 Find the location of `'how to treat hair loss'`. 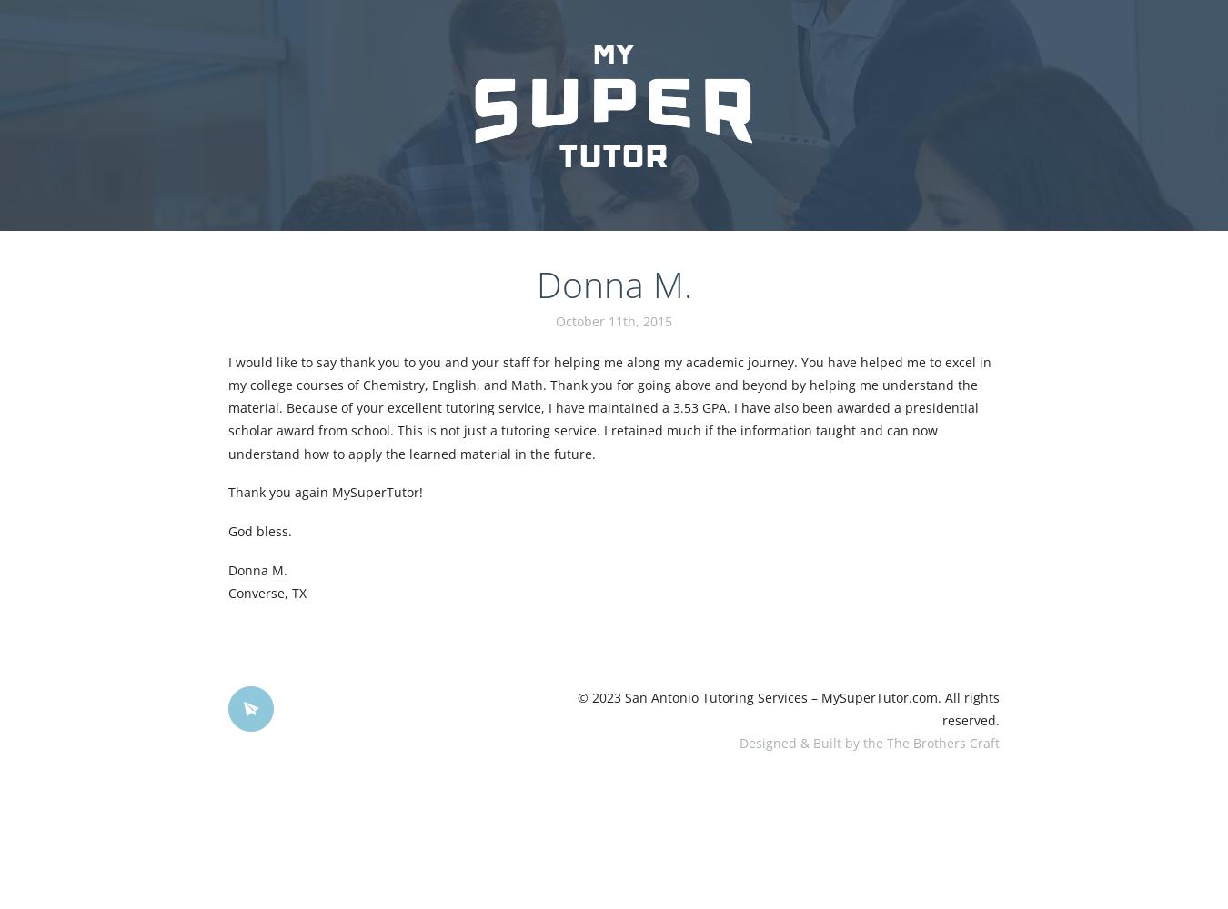

'how to treat hair loss' is located at coordinates (64, 11).